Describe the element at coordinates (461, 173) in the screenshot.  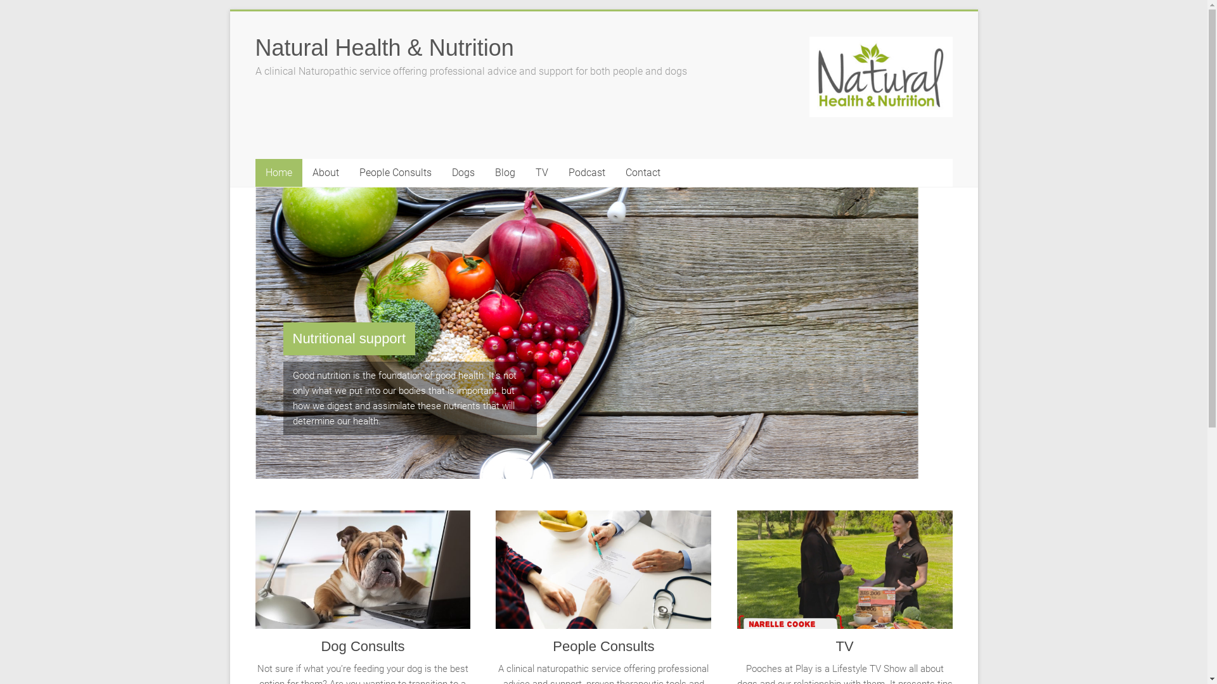
I see `'Dogs'` at that location.